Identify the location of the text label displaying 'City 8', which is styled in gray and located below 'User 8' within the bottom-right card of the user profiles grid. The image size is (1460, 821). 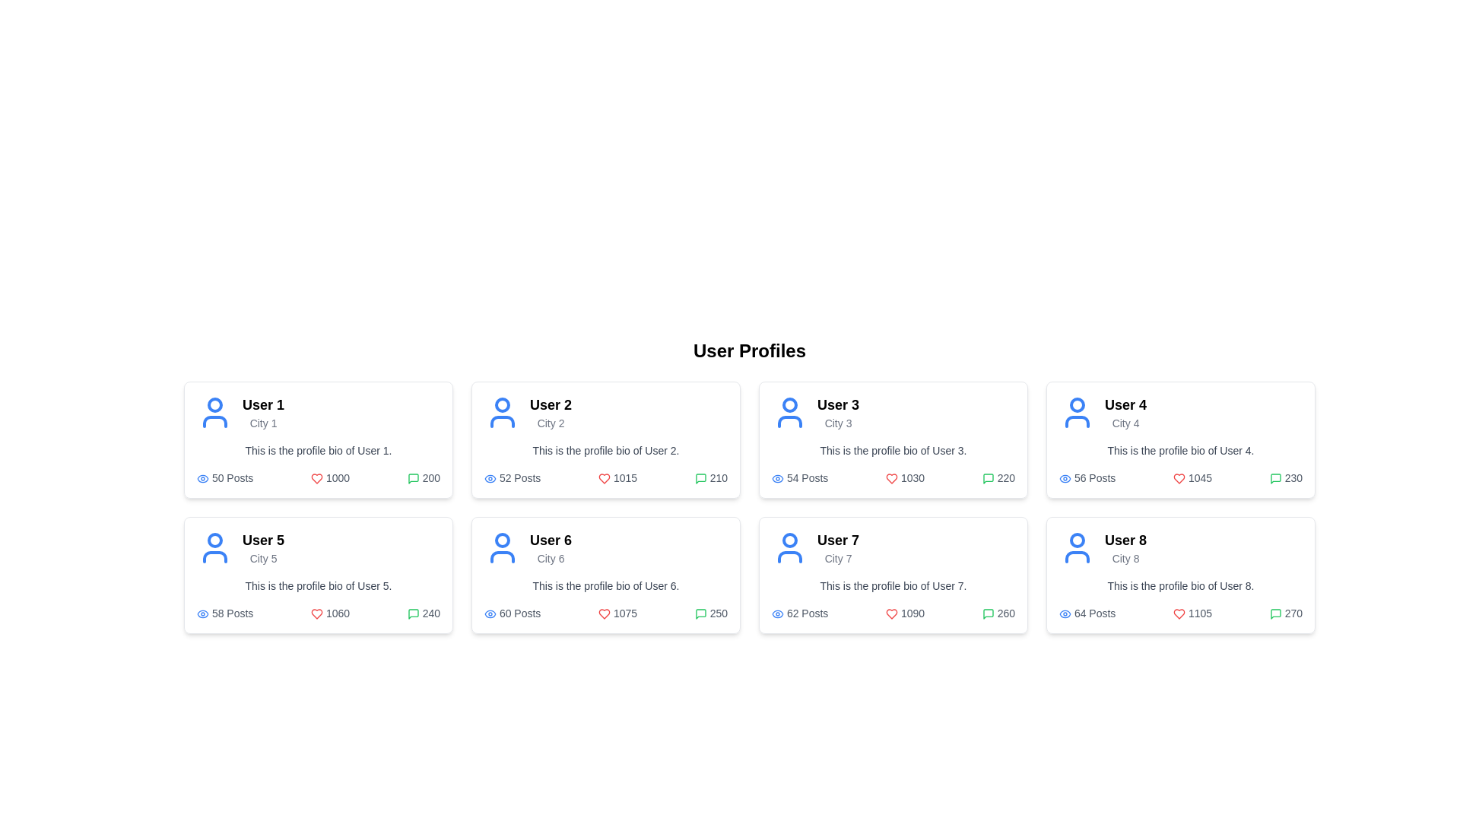
(1125, 559).